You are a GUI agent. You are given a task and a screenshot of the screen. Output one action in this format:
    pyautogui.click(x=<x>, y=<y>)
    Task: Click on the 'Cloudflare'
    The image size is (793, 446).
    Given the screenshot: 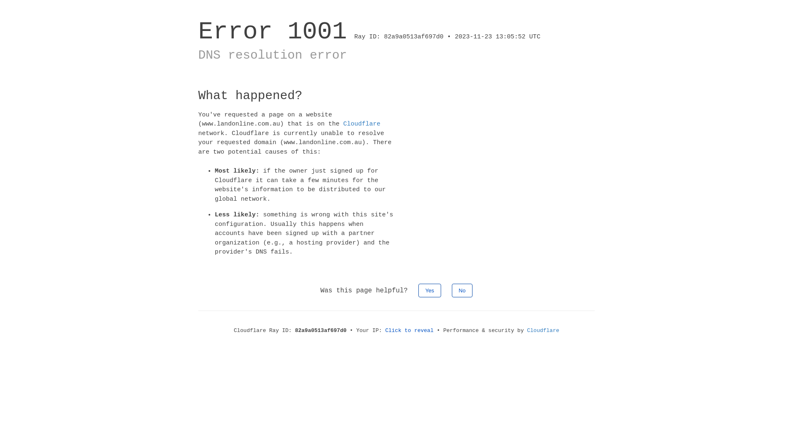 What is the action you would take?
    pyautogui.click(x=343, y=124)
    